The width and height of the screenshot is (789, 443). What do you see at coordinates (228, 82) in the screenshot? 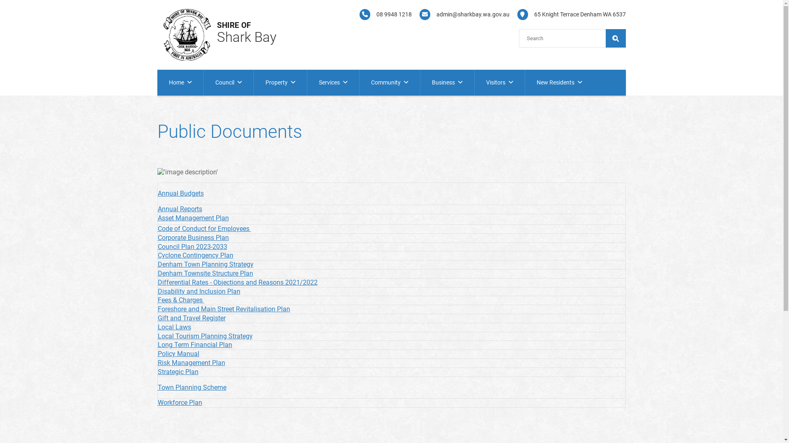
I see `'Council'` at bounding box center [228, 82].